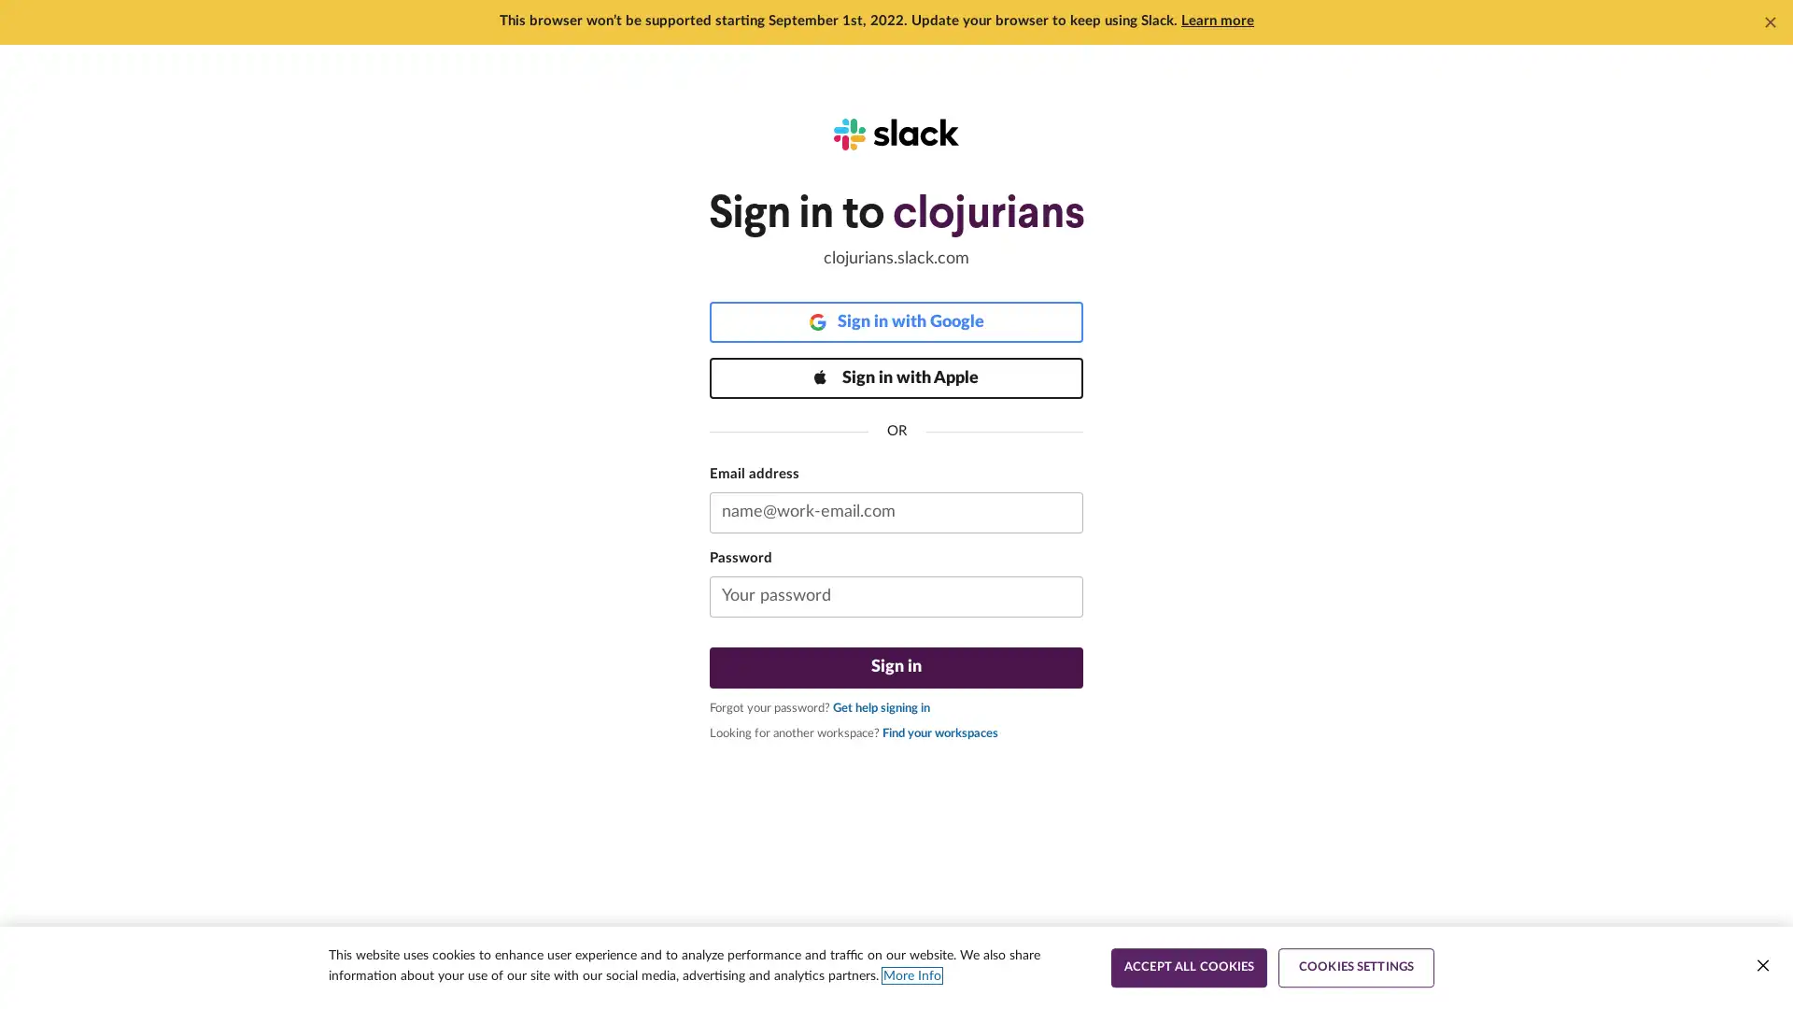 The image size is (1793, 1009). I want to click on Close, so click(1761, 965).